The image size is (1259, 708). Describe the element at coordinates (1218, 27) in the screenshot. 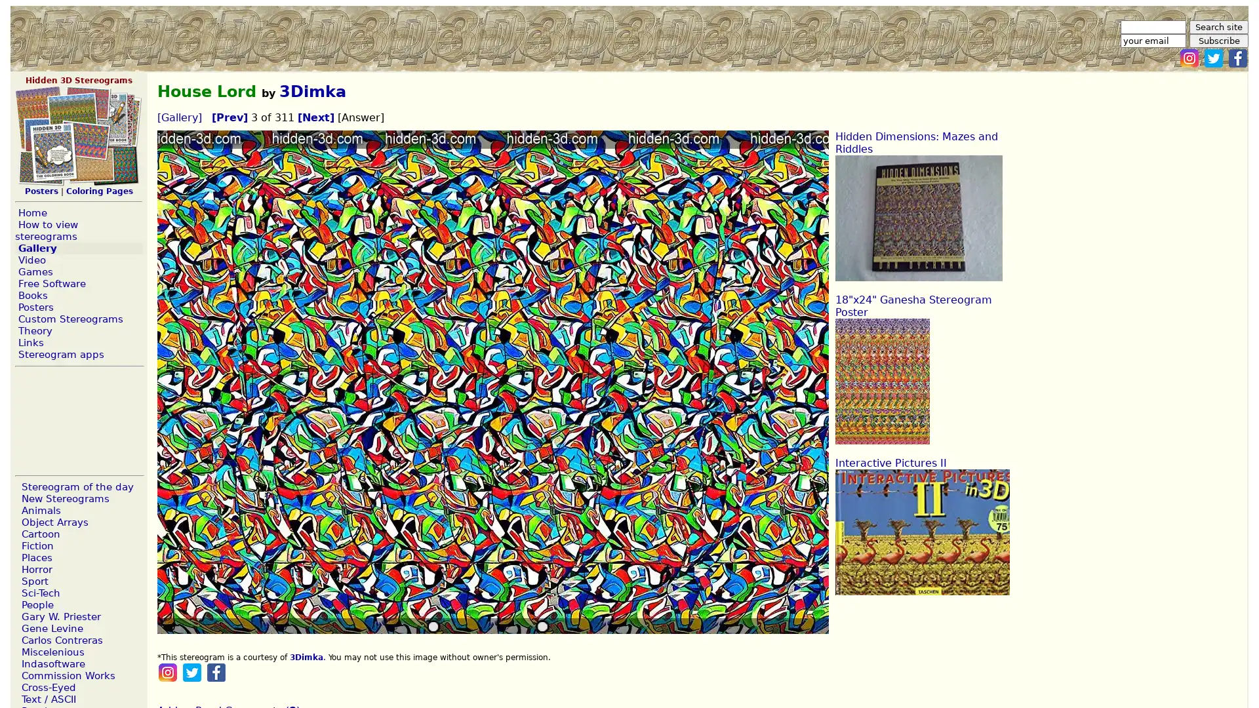

I see `Search site` at that location.